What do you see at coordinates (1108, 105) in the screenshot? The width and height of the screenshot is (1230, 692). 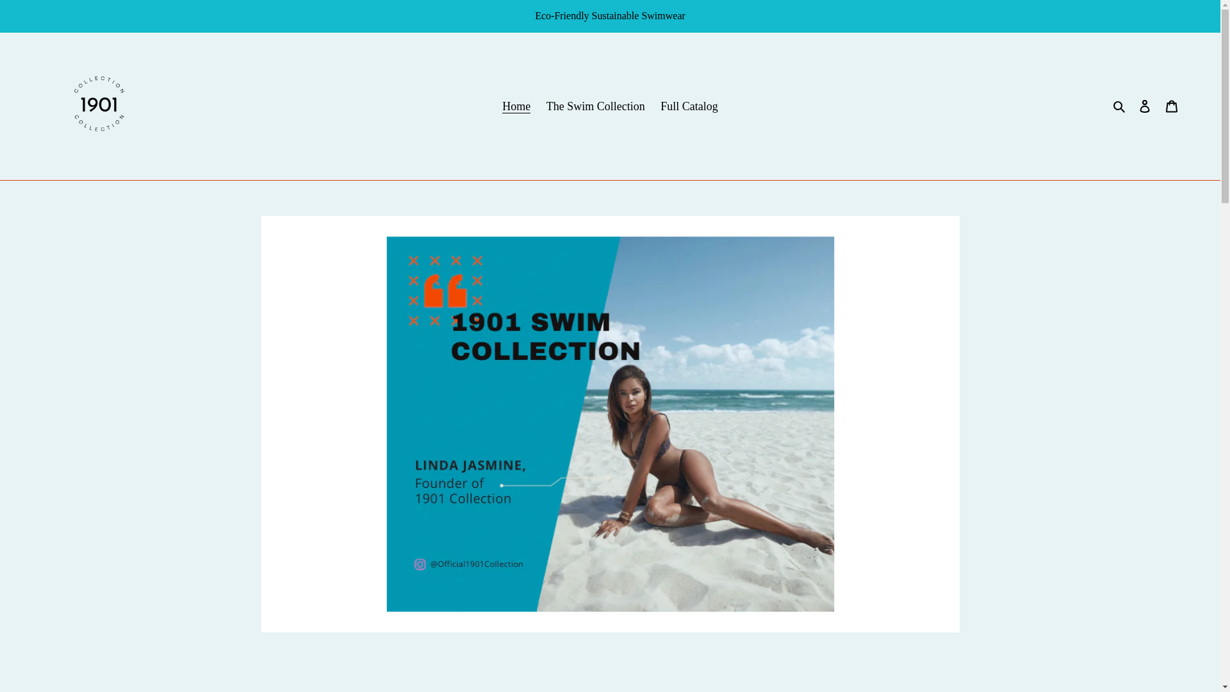 I see `'Search'` at bounding box center [1108, 105].